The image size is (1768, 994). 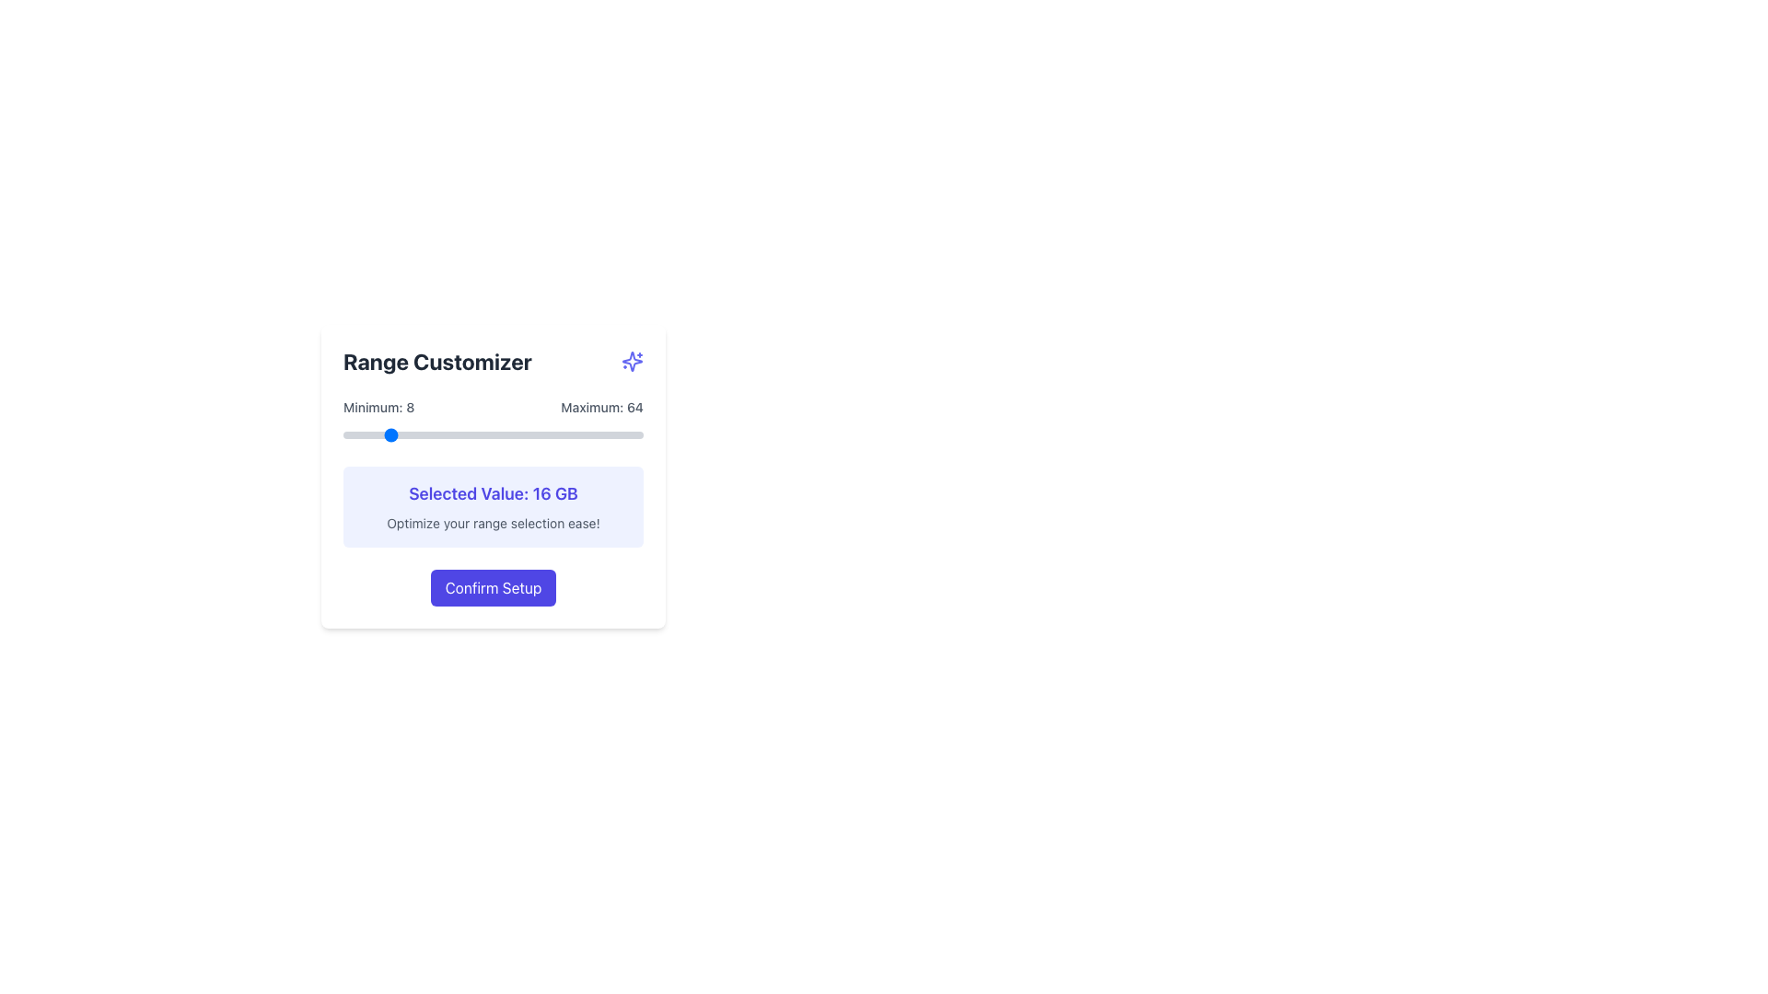 I want to click on the slider, so click(x=433, y=435).